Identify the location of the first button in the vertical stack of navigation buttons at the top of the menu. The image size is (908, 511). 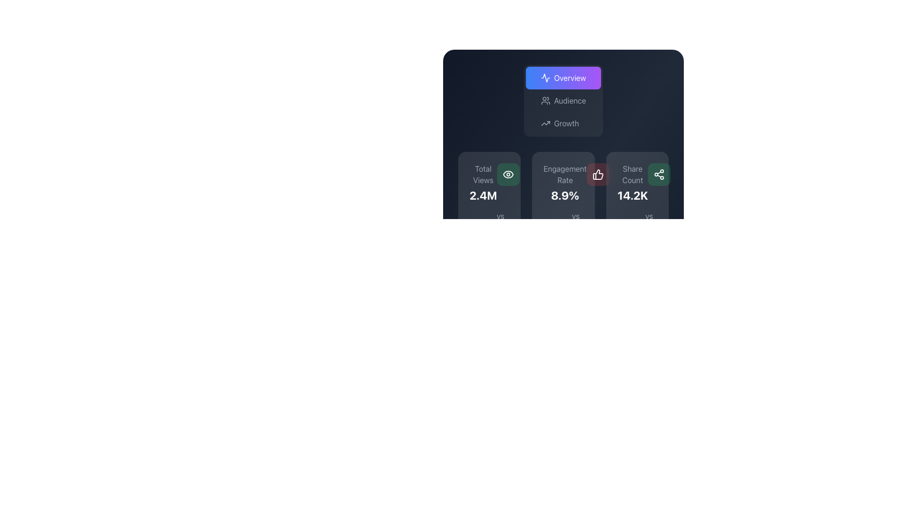
(563, 78).